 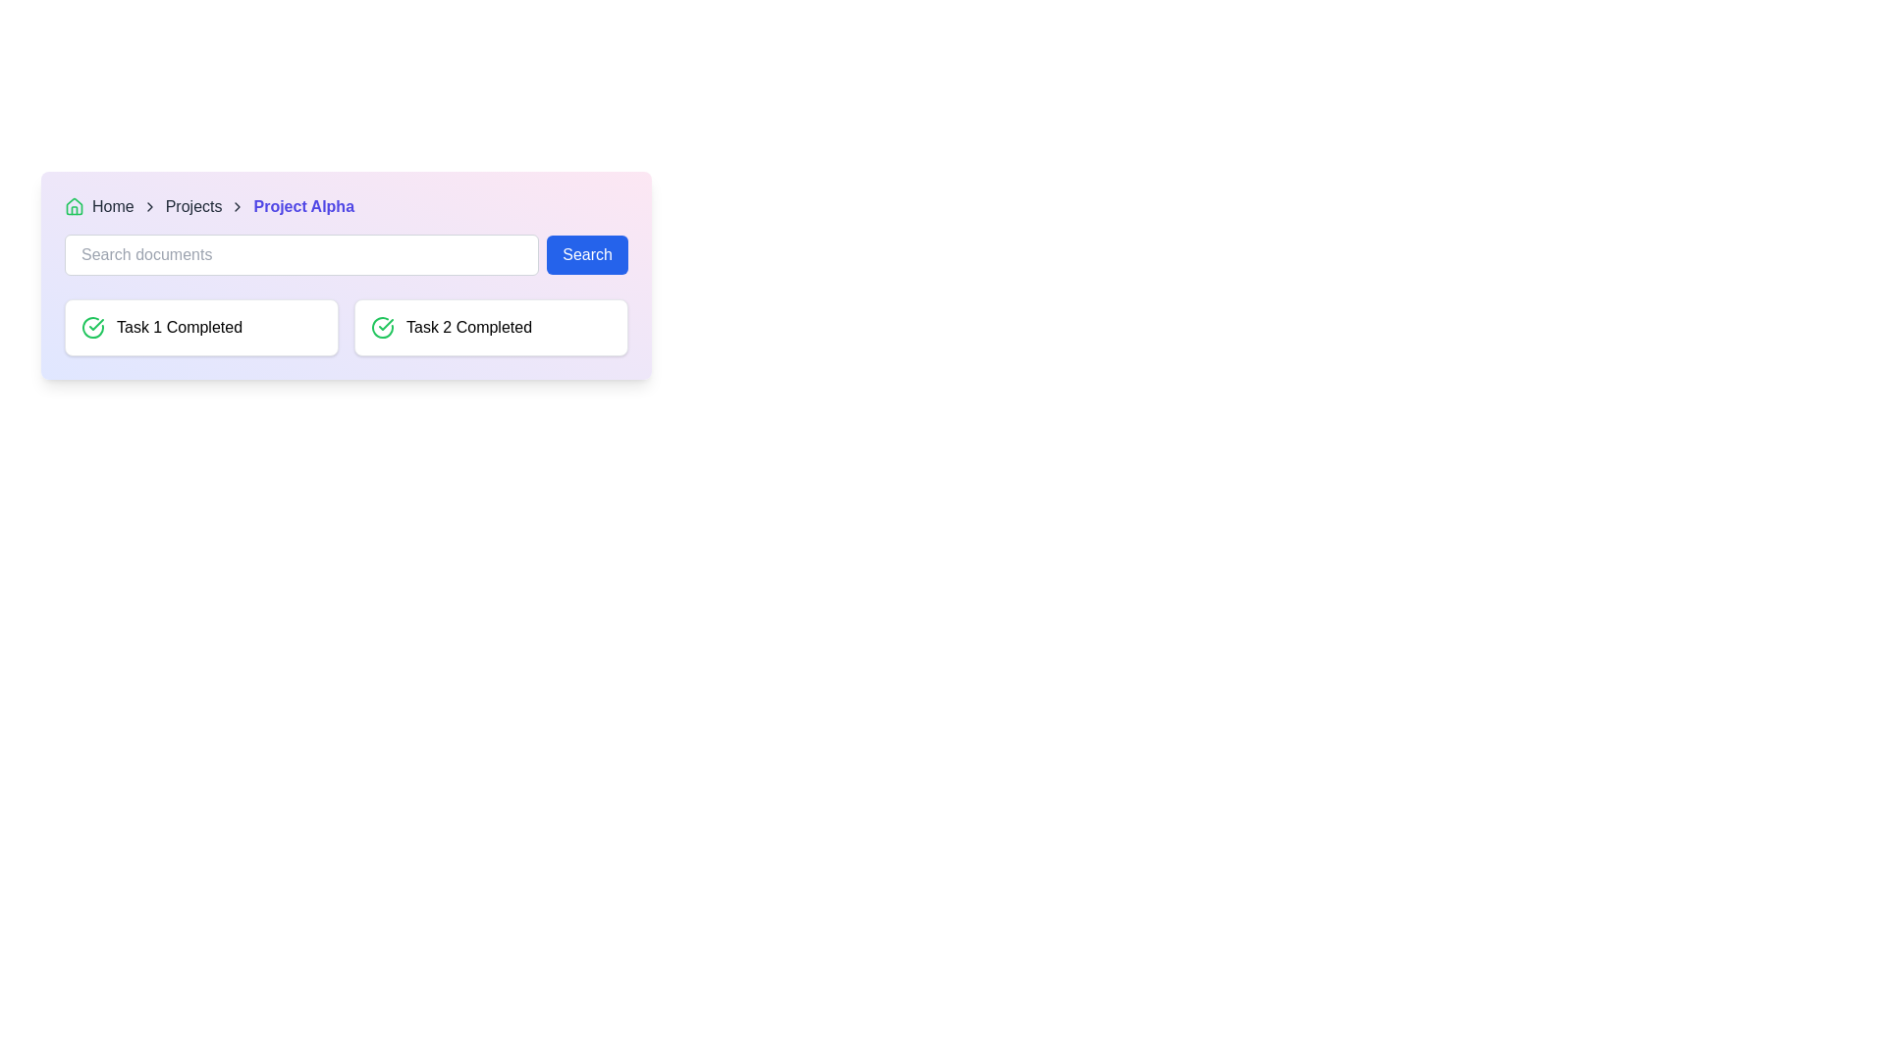 I want to click on 'Home' breadcrumb navigation link, which is the first item in the breadcrumb navigation bar at the top left corner of the card interface, so click(x=98, y=207).